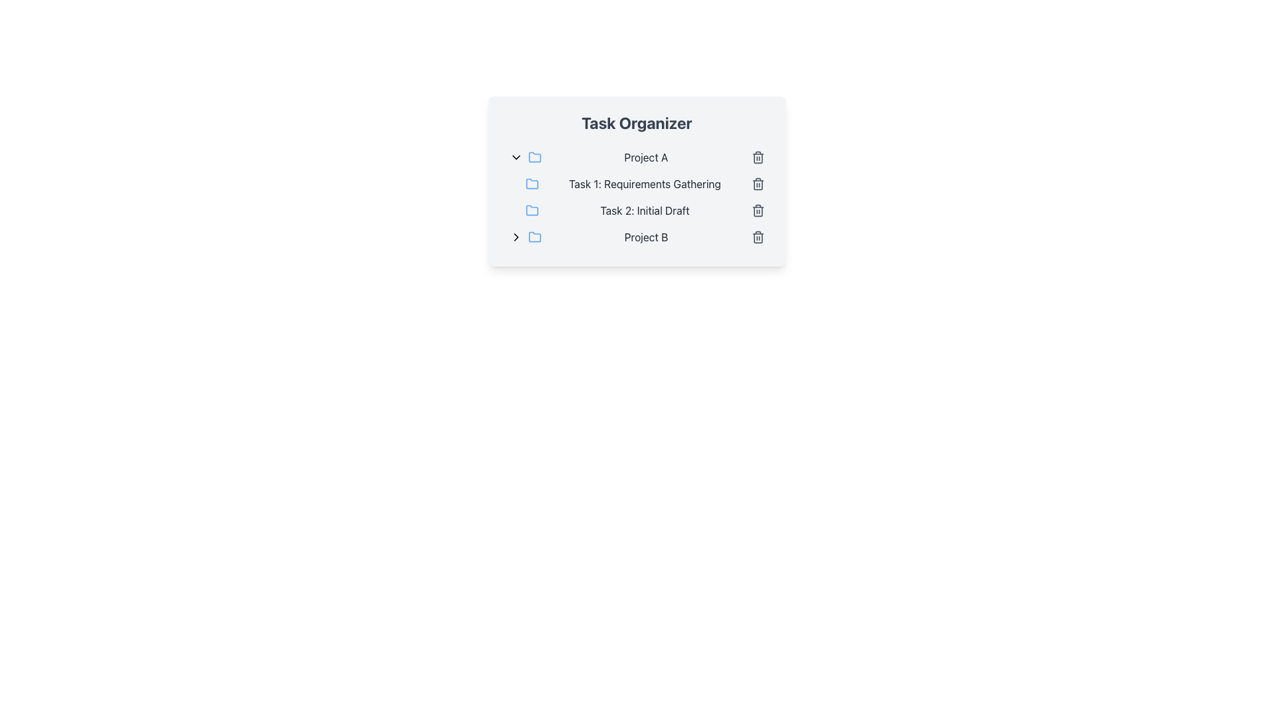 The image size is (1276, 718). I want to click on the chevron arrow icon, so click(515, 237).